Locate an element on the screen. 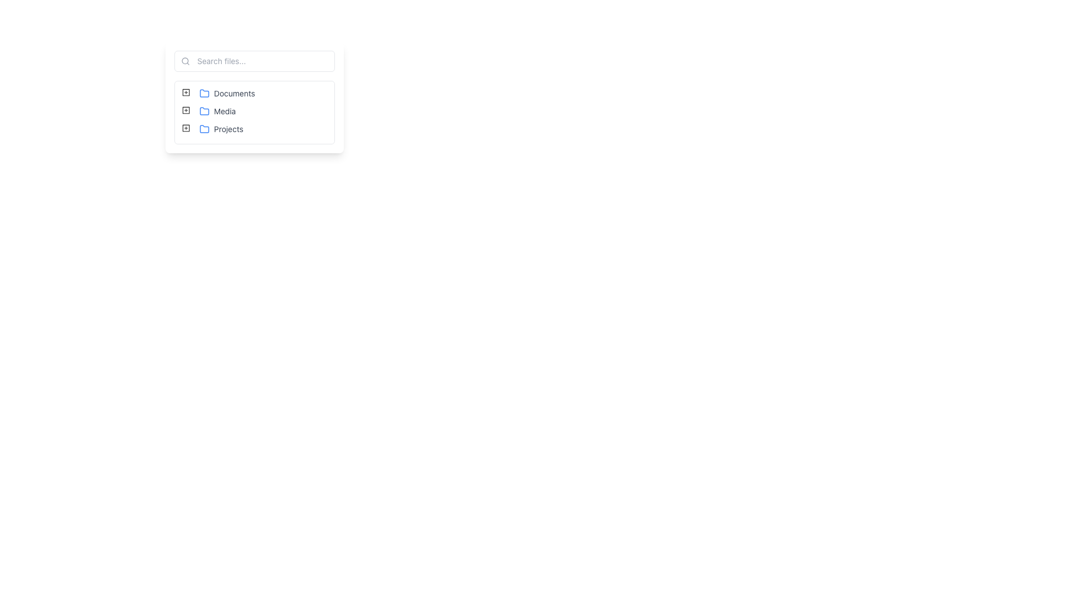 The height and width of the screenshot is (602, 1070). the folder icon representing 'Documents', which is the first icon in the list aligned horizontally with the text 'Documents' is located at coordinates (204, 93).